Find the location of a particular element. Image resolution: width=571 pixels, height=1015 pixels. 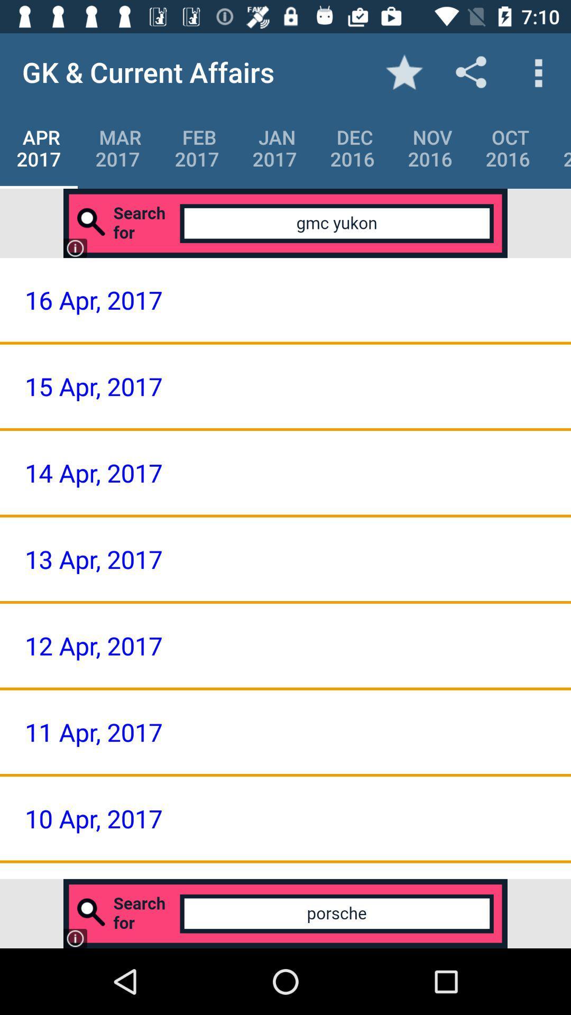

access advertisement is located at coordinates (285, 913).